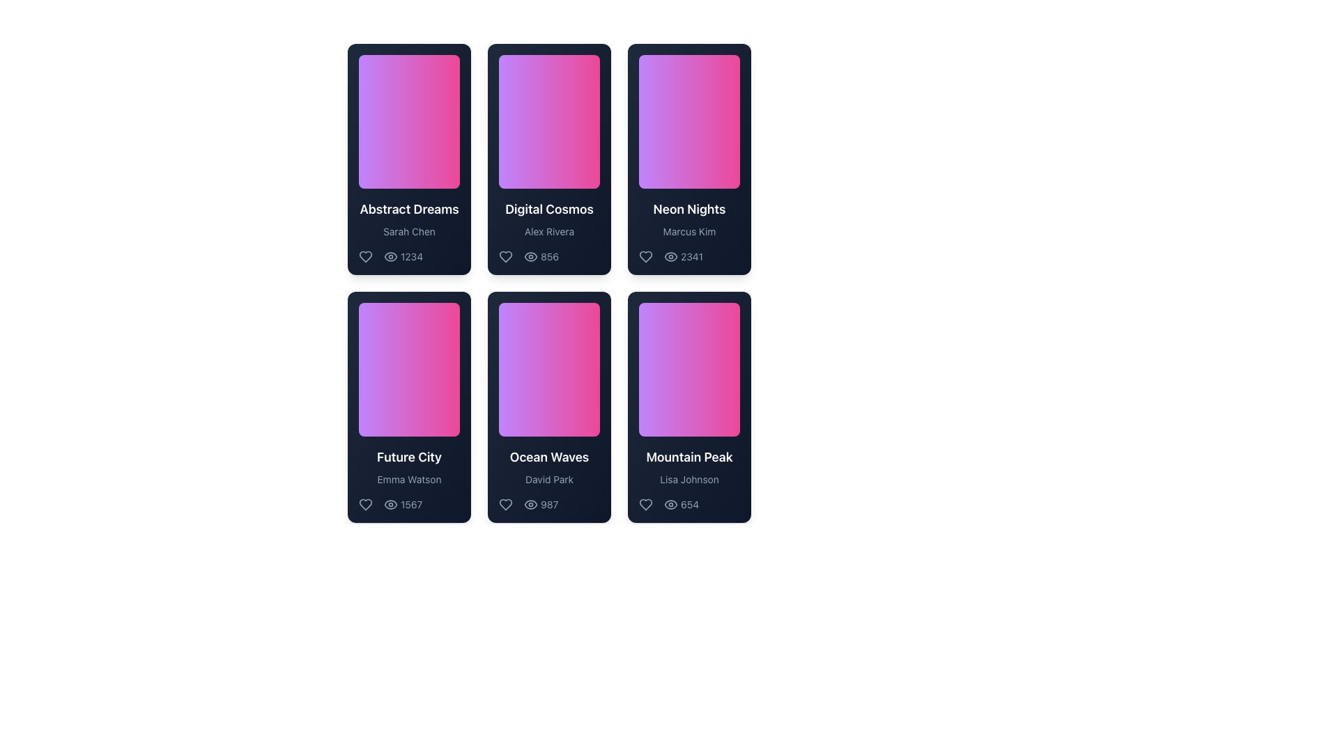  Describe the element at coordinates (505, 257) in the screenshot. I see `the heart icon located at the bottom-left corner of the 'Digital Cosmos' card's footer section to like or favorite the item` at that location.